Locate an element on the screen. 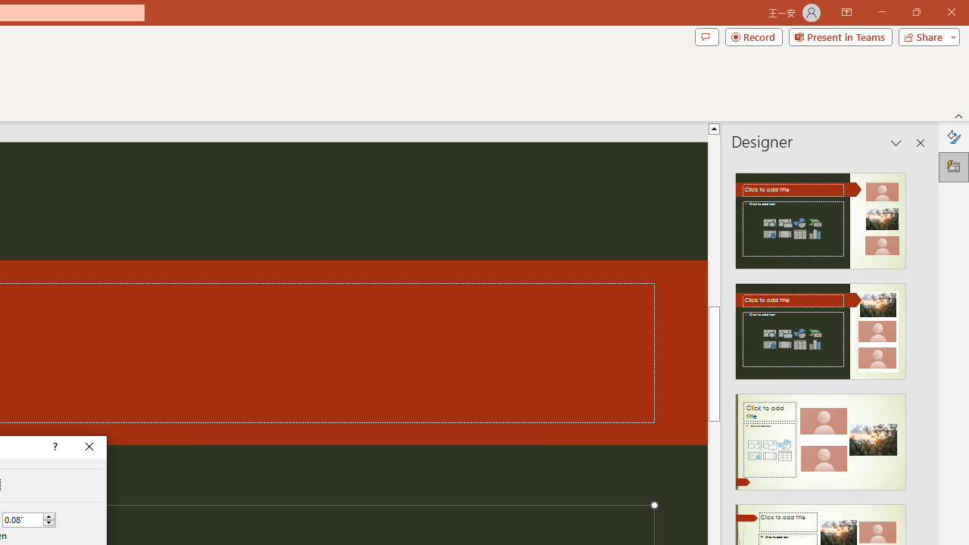 This screenshot has height=545, width=969. 'Context help' is located at coordinates (54, 447).